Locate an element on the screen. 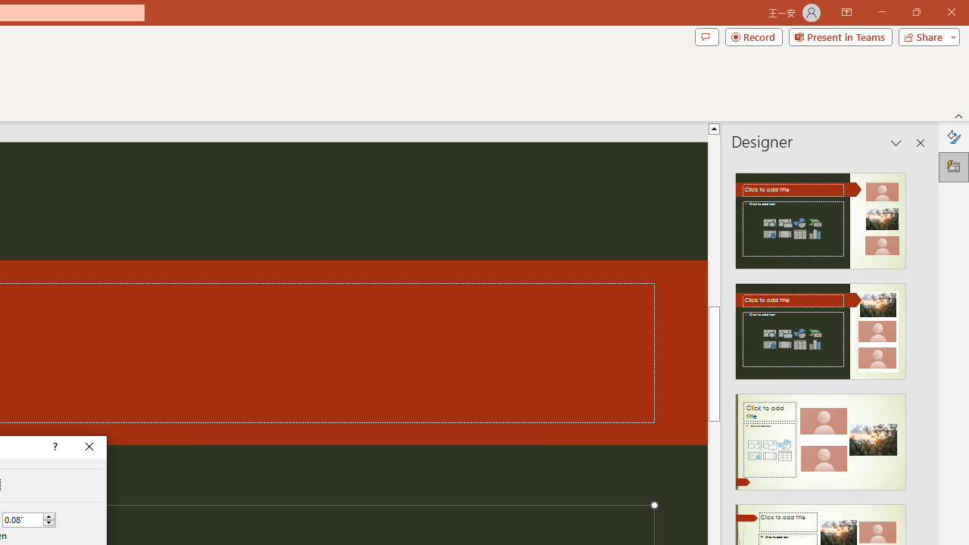 This screenshot has height=545, width=969. 'Context help' is located at coordinates (54, 447).